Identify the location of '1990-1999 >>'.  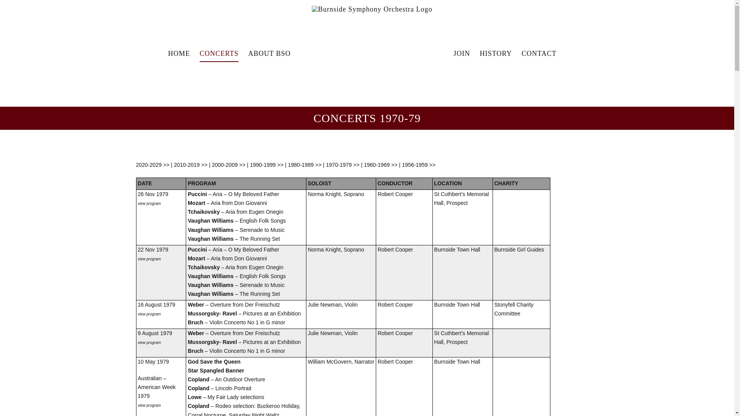
(250, 164).